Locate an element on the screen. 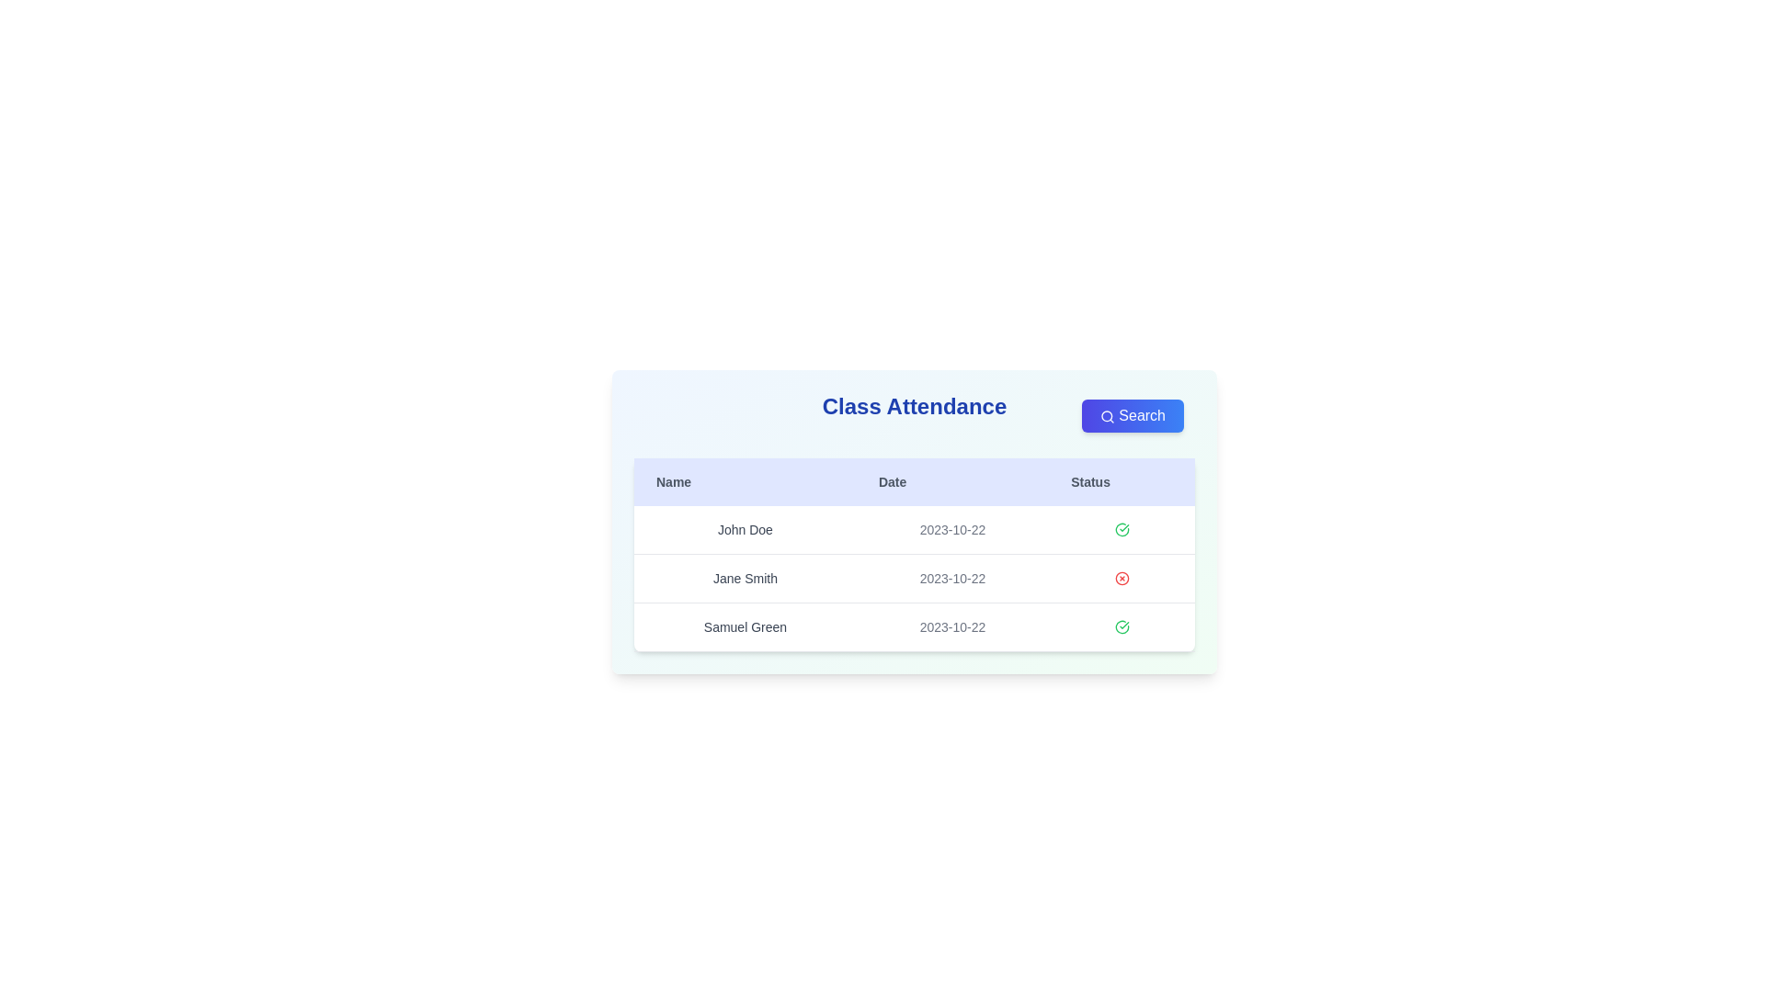 This screenshot has height=992, width=1765. the row corresponding to Samuel Green is located at coordinates (914, 626).